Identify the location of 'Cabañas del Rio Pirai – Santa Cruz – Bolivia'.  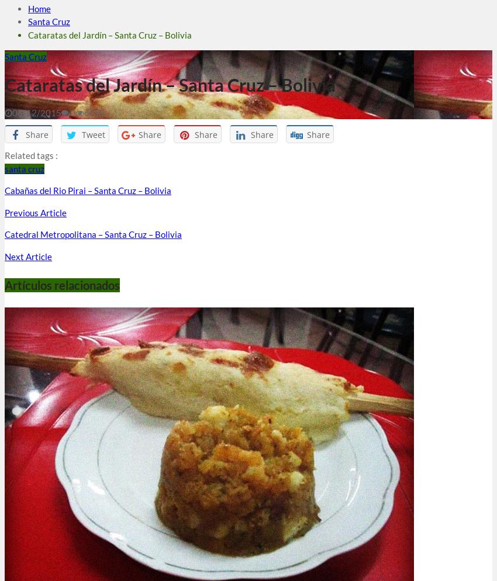
(88, 190).